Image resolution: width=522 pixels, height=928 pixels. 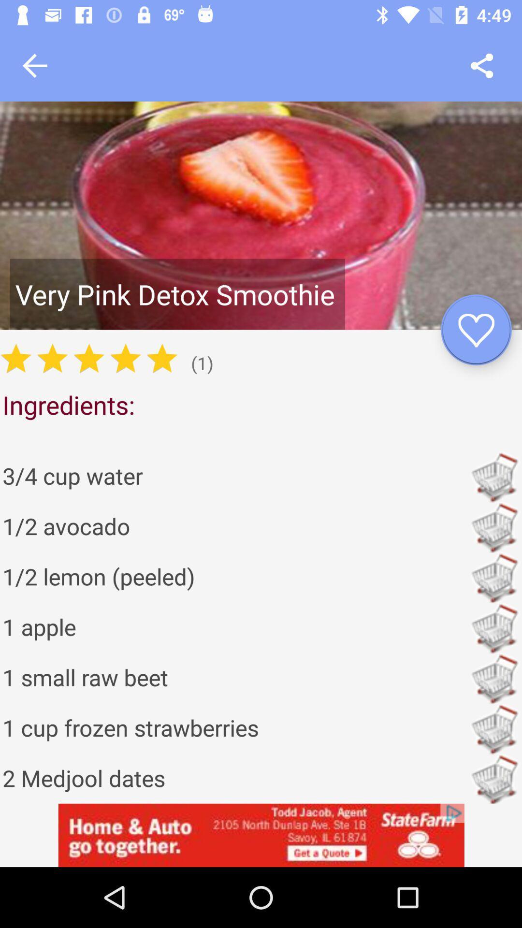 What do you see at coordinates (476, 330) in the screenshot?
I see `love the product` at bounding box center [476, 330].